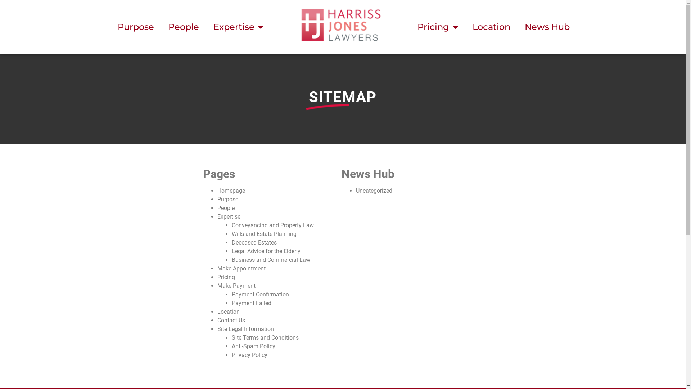 The image size is (691, 389). What do you see at coordinates (236, 285) in the screenshot?
I see `'Make Payment'` at bounding box center [236, 285].